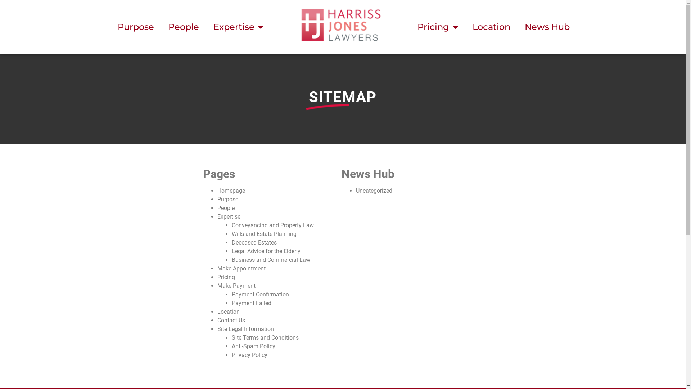 The image size is (691, 389). What do you see at coordinates (236, 285) in the screenshot?
I see `'Make Payment'` at bounding box center [236, 285].